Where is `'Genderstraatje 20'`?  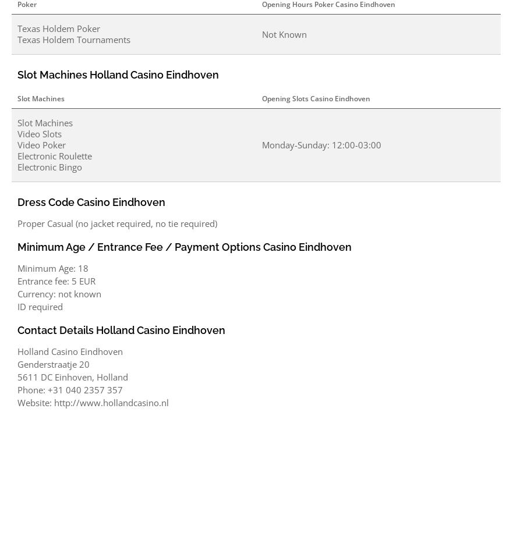 'Genderstraatje 20' is located at coordinates (52, 364).